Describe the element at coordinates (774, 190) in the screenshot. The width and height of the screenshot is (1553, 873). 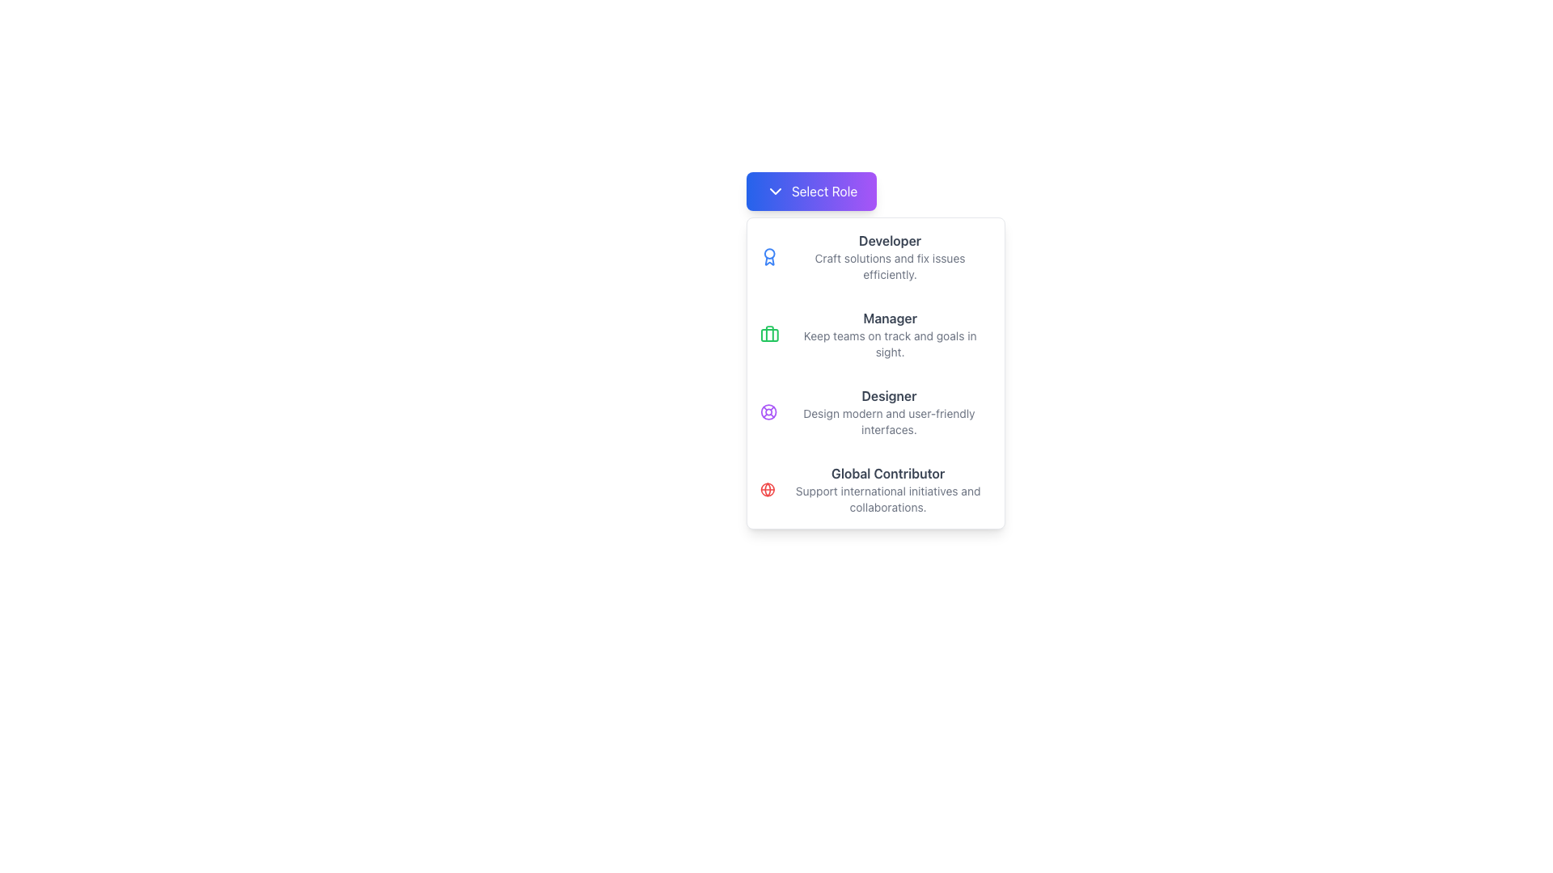
I see `the downward-facing chevron icon next to the text 'Select Role'` at that location.